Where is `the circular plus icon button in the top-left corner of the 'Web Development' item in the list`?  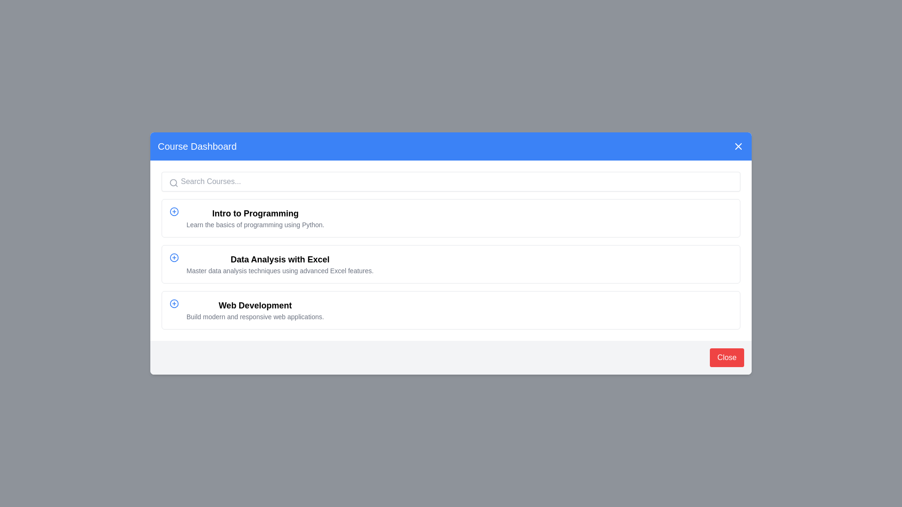
the circular plus icon button in the top-left corner of the 'Web Development' item in the list is located at coordinates (174, 304).